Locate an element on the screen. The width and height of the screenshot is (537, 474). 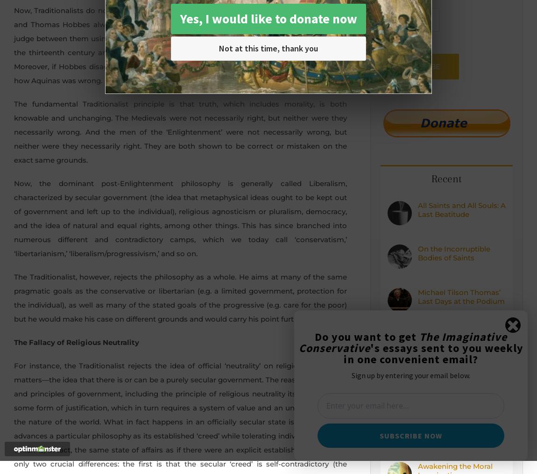
'Yes, I would like to donate now' is located at coordinates (268, 18).